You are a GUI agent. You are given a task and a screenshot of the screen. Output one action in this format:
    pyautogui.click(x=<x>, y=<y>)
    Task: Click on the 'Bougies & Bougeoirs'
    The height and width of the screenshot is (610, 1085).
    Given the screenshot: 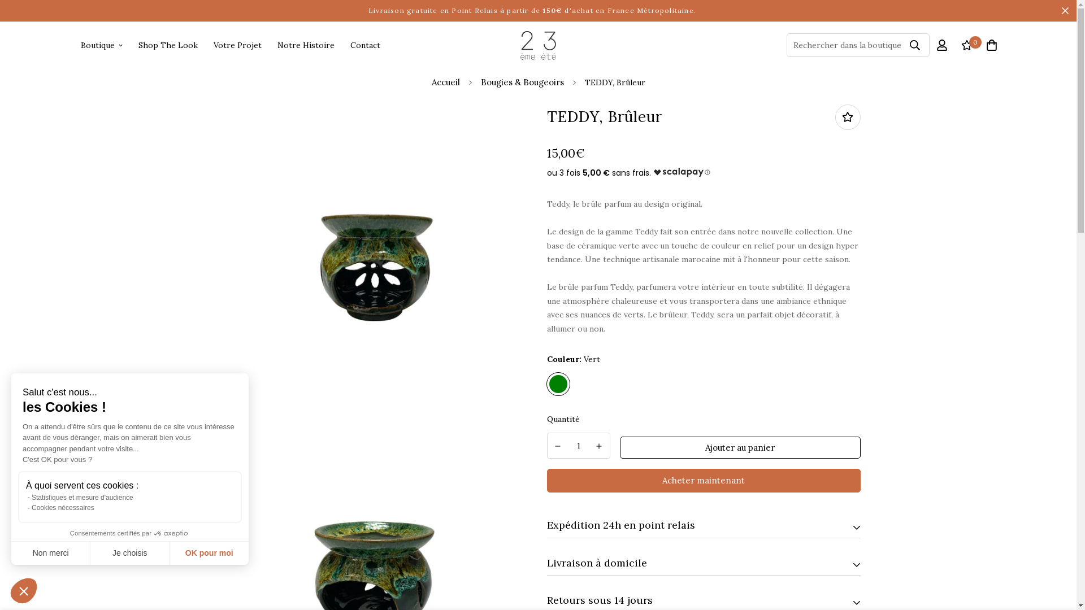 What is the action you would take?
    pyautogui.click(x=521, y=82)
    